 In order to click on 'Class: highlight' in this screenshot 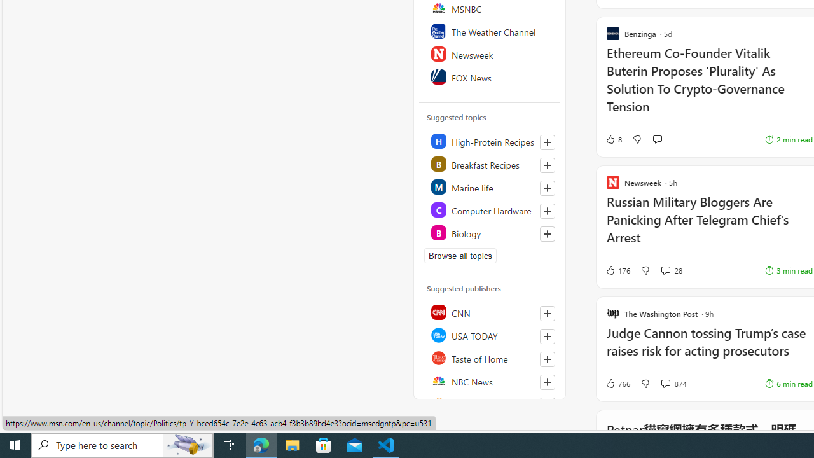, I will do `click(490, 233)`.